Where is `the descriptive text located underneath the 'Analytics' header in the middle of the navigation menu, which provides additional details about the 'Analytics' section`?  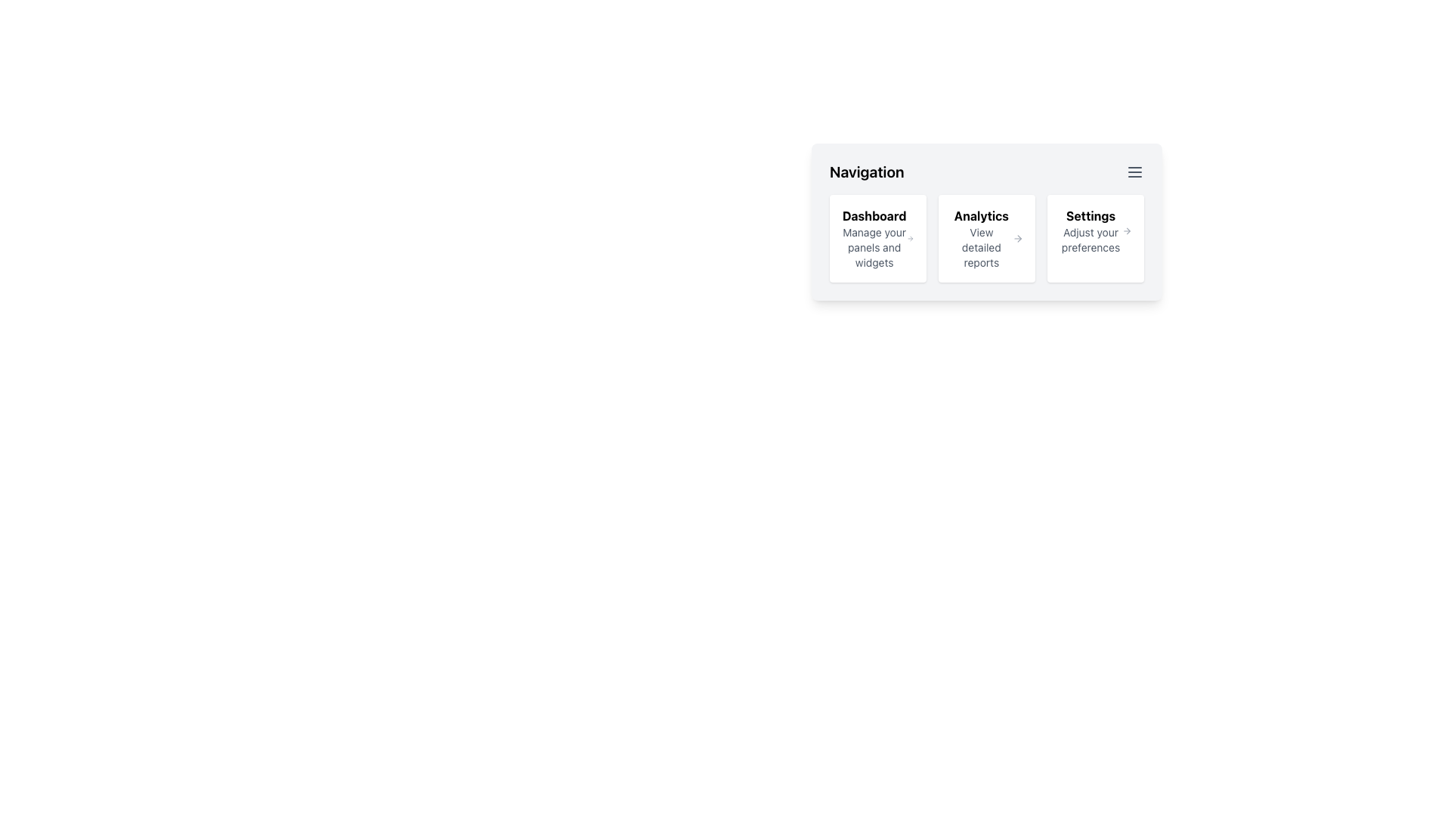
the descriptive text located underneath the 'Analytics' header in the middle of the navigation menu, which provides additional details about the 'Analytics' section is located at coordinates (981, 246).